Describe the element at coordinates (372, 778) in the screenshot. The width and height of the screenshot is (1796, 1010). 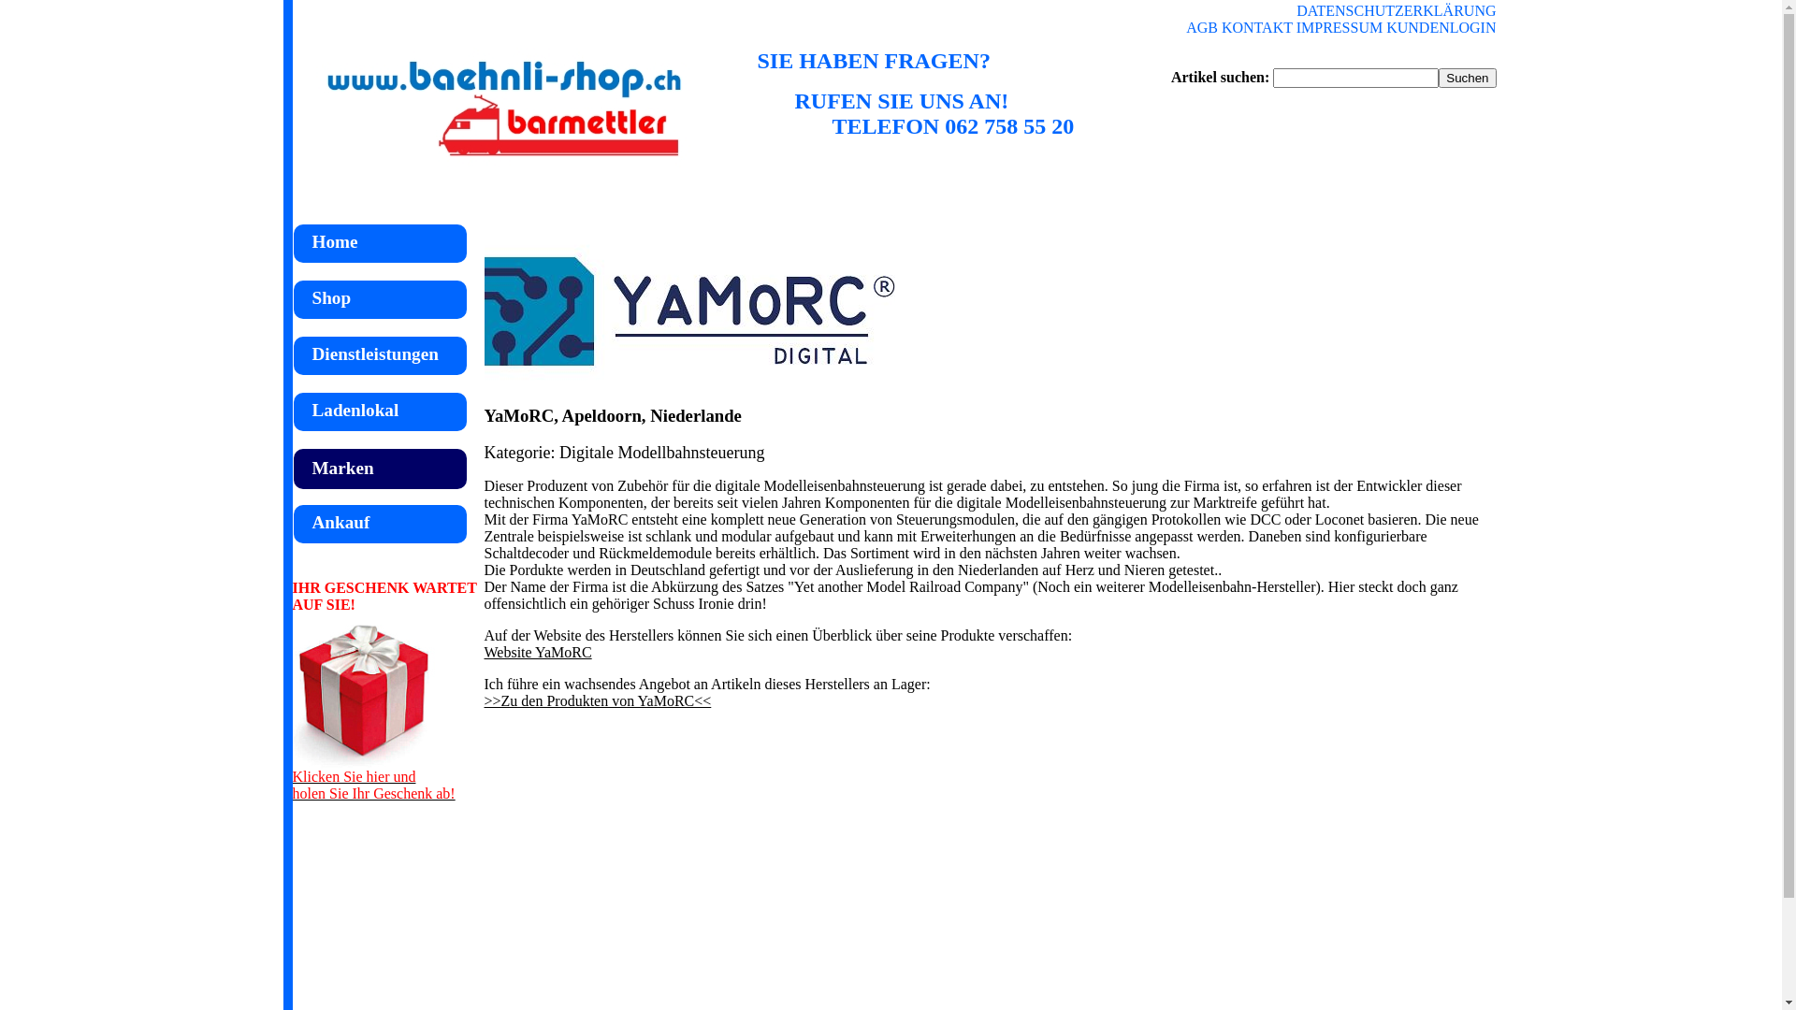
I see `'Klicken Sie hier und` at that location.